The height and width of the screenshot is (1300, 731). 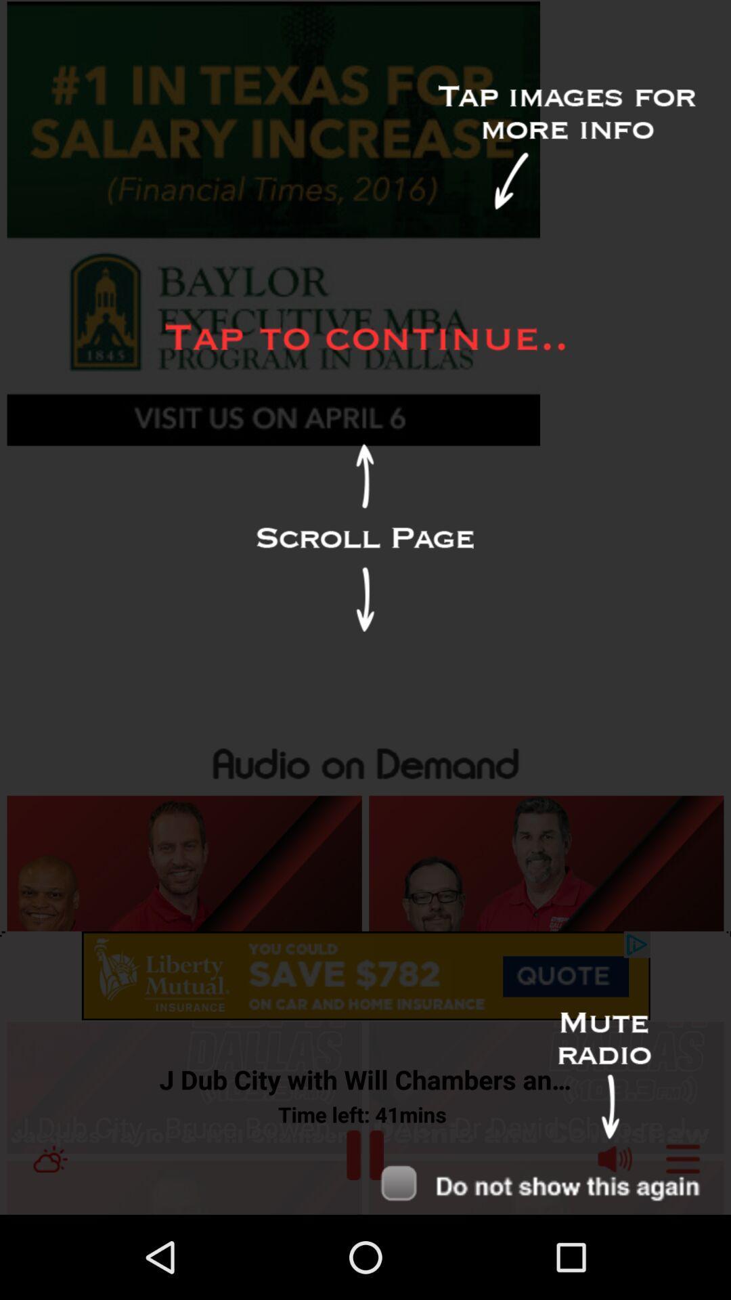 What do you see at coordinates (364, 1236) in the screenshot?
I see `the pause icon` at bounding box center [364, 1236].